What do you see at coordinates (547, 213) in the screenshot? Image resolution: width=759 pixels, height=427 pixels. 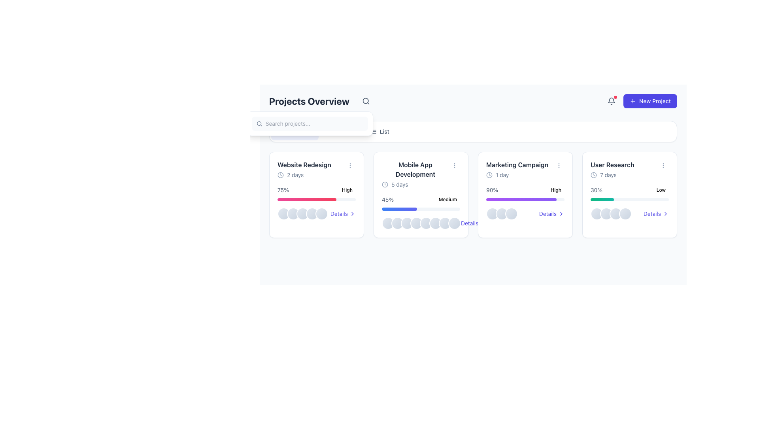 I see `the 'Details' text link element, styled in blue, located at the bottom of the 'Marketing Campaign' card` at bounding box center [547, 213].